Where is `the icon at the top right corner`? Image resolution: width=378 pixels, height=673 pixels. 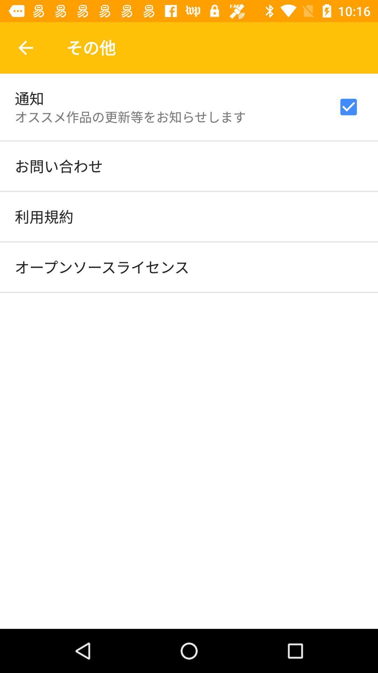 the icon at the top right corner is located at coordinates (348, 107).